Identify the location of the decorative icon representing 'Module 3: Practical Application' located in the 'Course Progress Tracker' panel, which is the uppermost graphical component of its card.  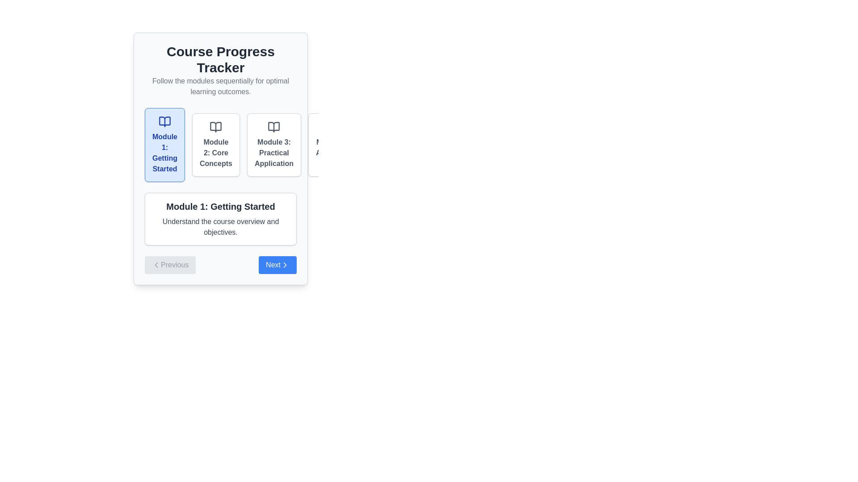
(273, 127).